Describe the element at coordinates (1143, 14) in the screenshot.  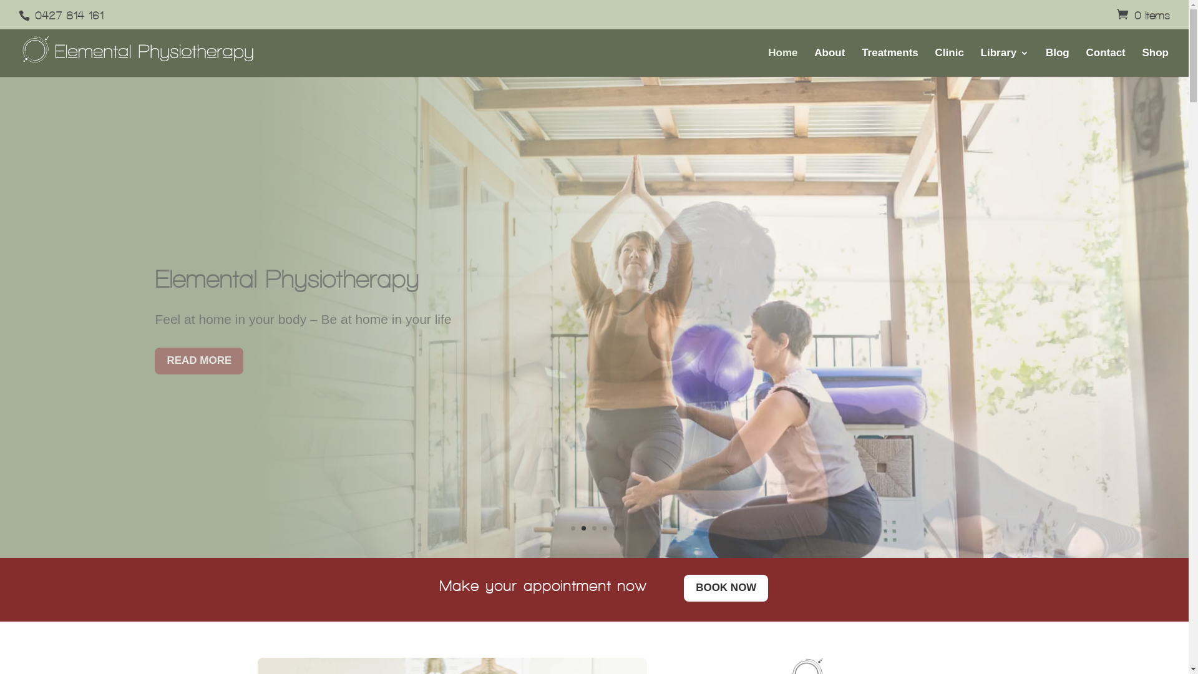
I see `'0 Items'` at that location.